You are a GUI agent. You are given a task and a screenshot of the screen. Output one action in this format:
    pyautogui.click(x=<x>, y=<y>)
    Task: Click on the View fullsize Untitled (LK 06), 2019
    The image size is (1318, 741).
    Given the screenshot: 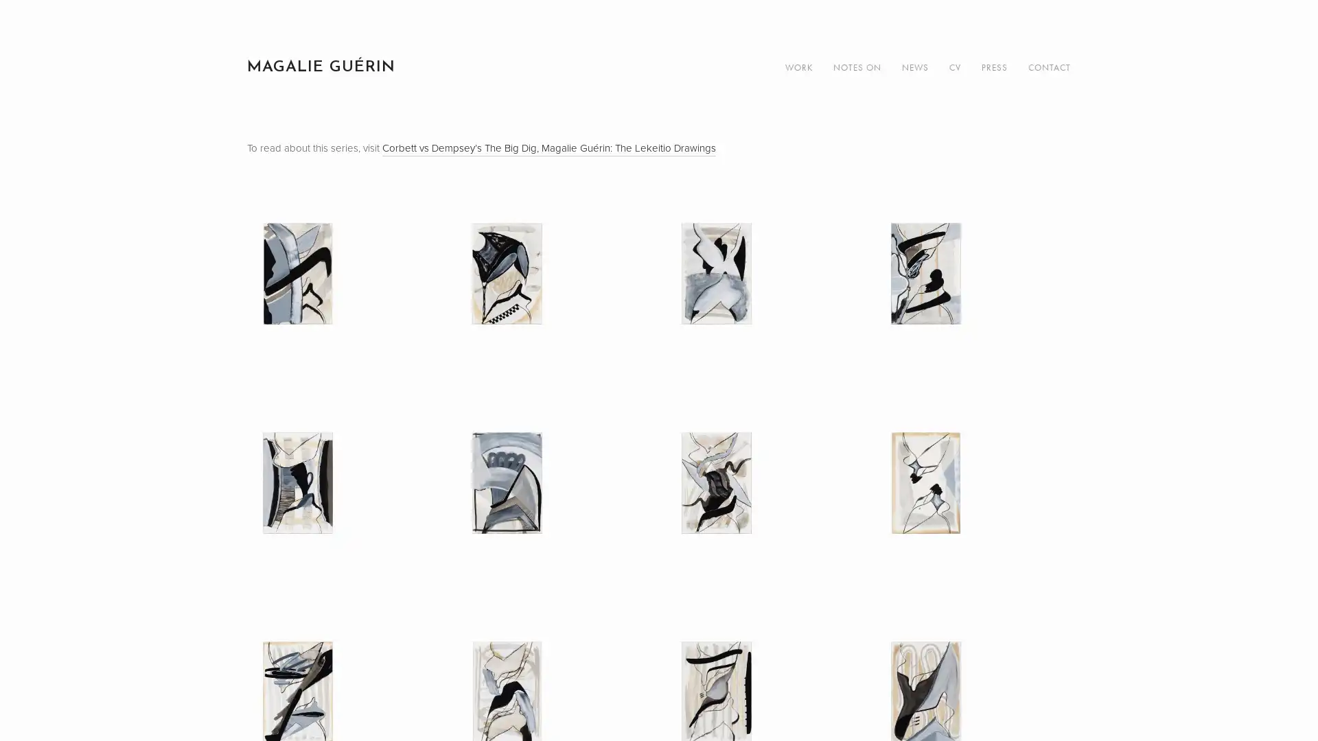 What is the action you would take?
    pyautogui.click(x=554, y=529)
    